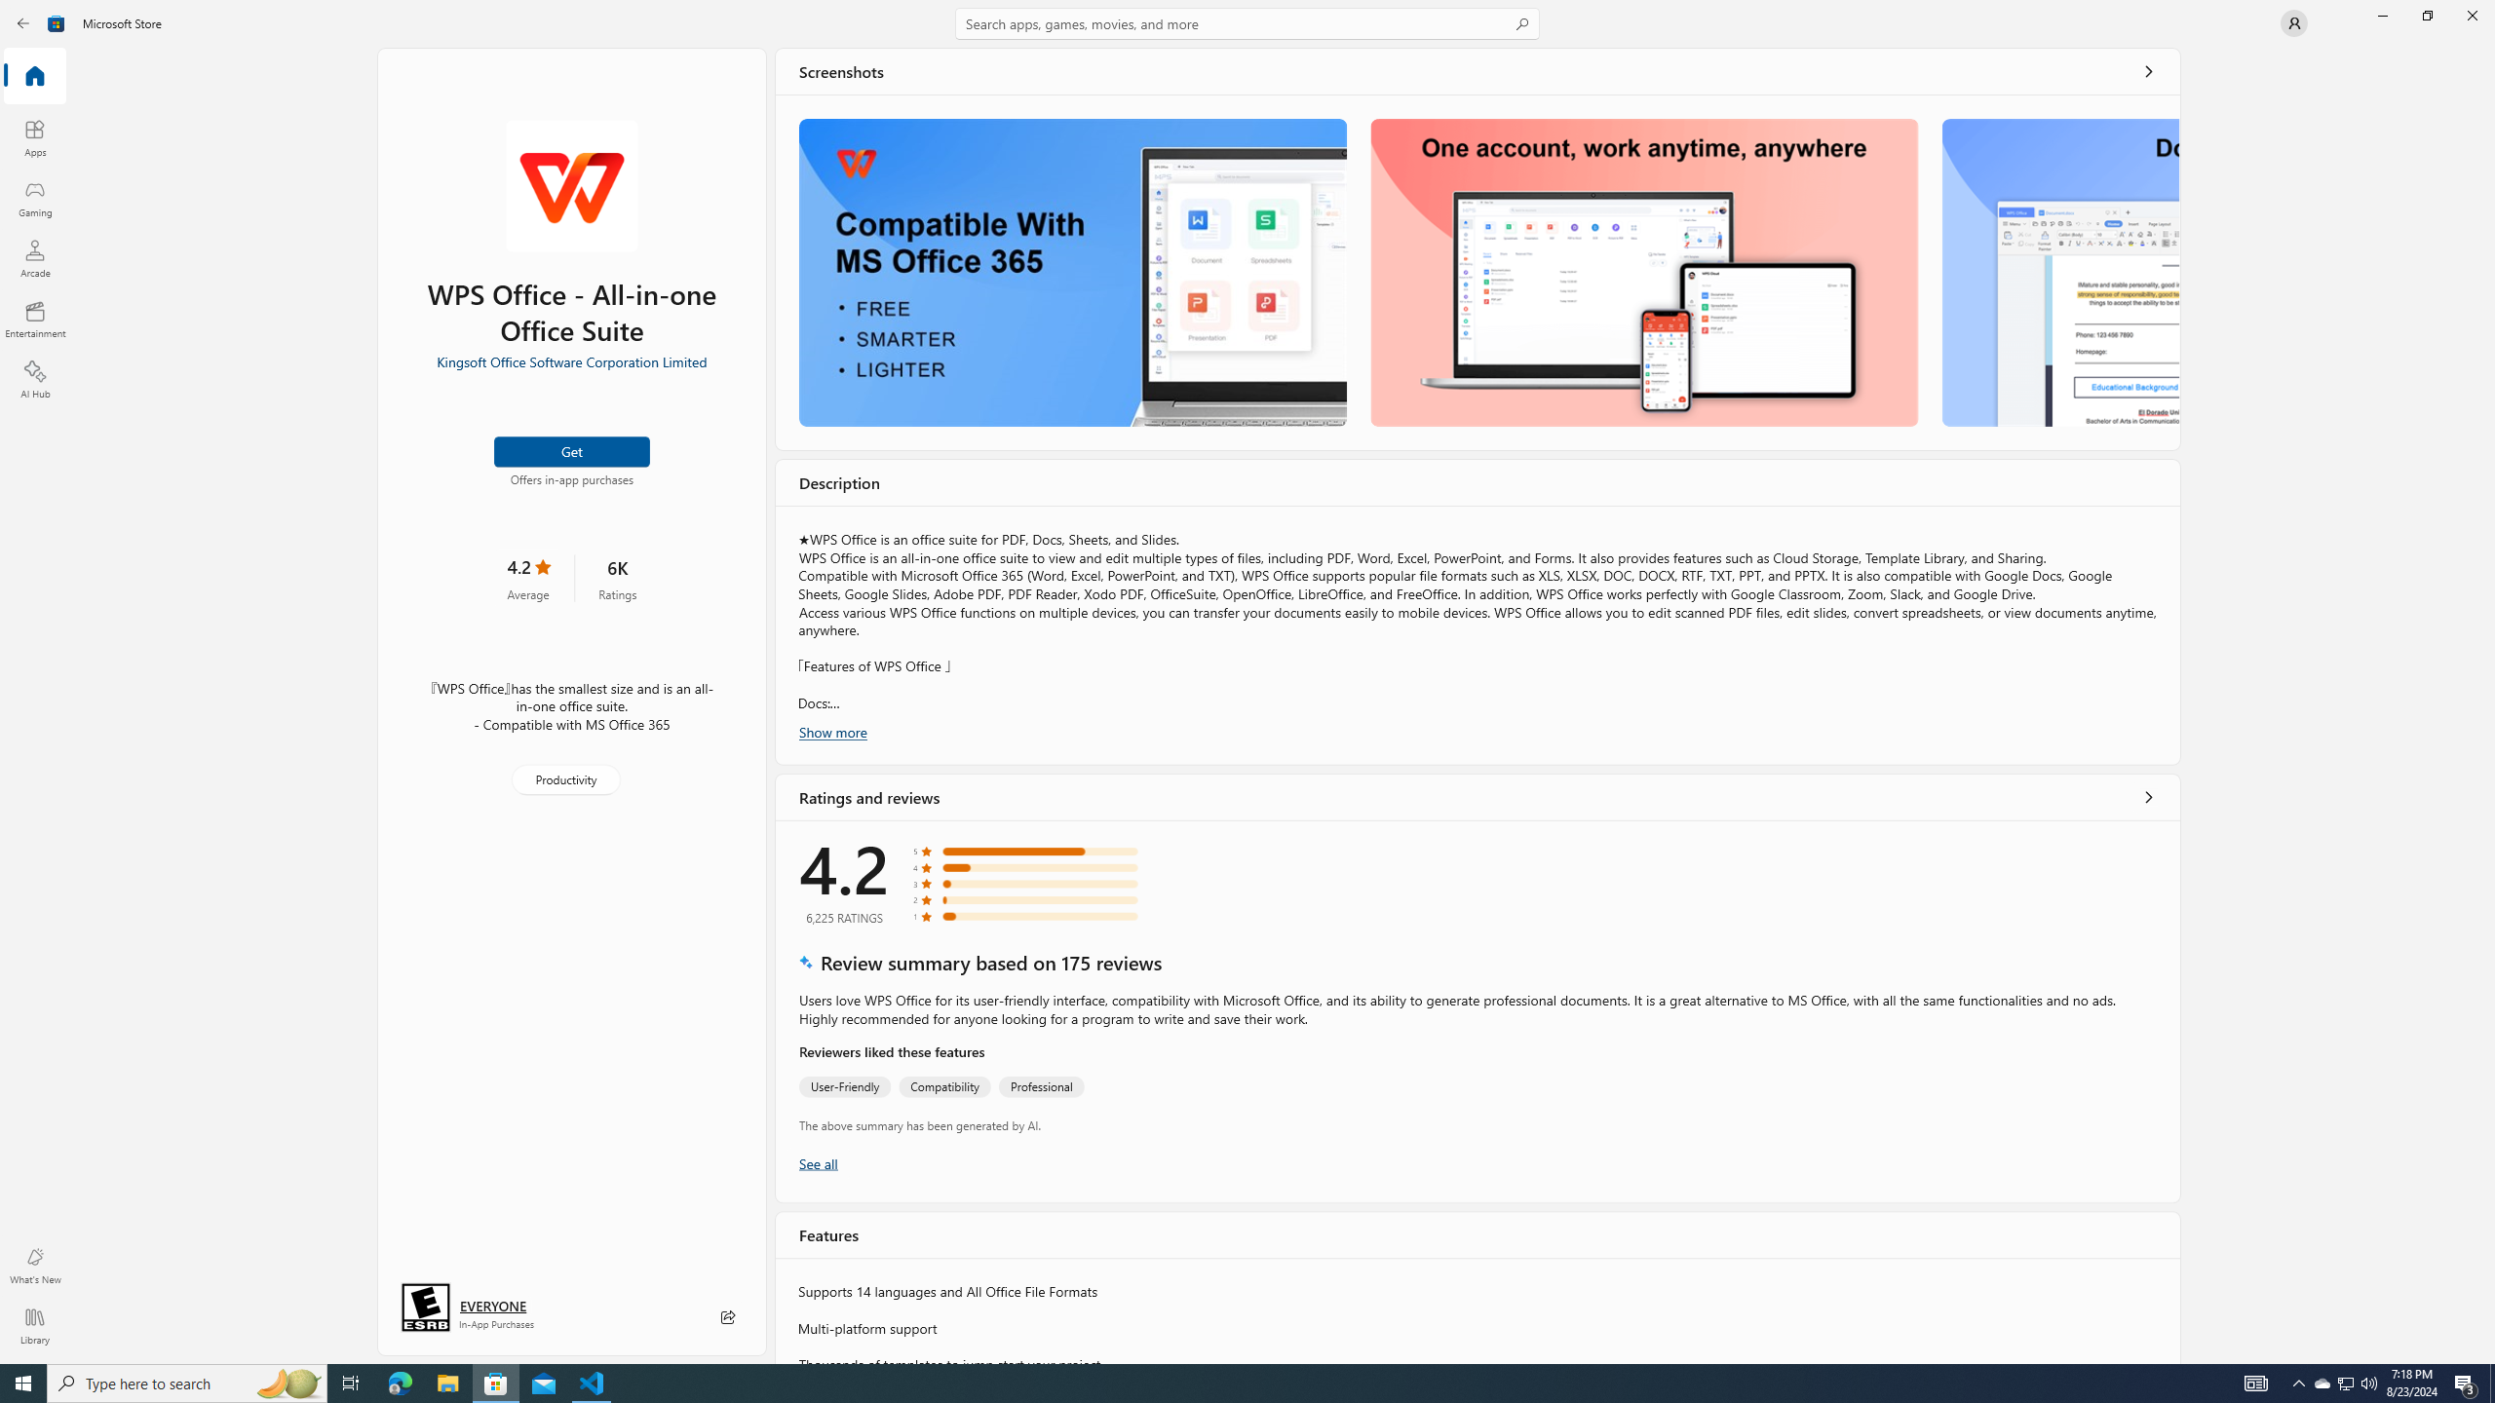 The width and height of the screenshot is (2495, 1403). What do you see at coordinates (527, 578) in the screenshot?
I see `'4.2 stars. Click to skip to ratings and reviews'` at bounding box center [527, 578].